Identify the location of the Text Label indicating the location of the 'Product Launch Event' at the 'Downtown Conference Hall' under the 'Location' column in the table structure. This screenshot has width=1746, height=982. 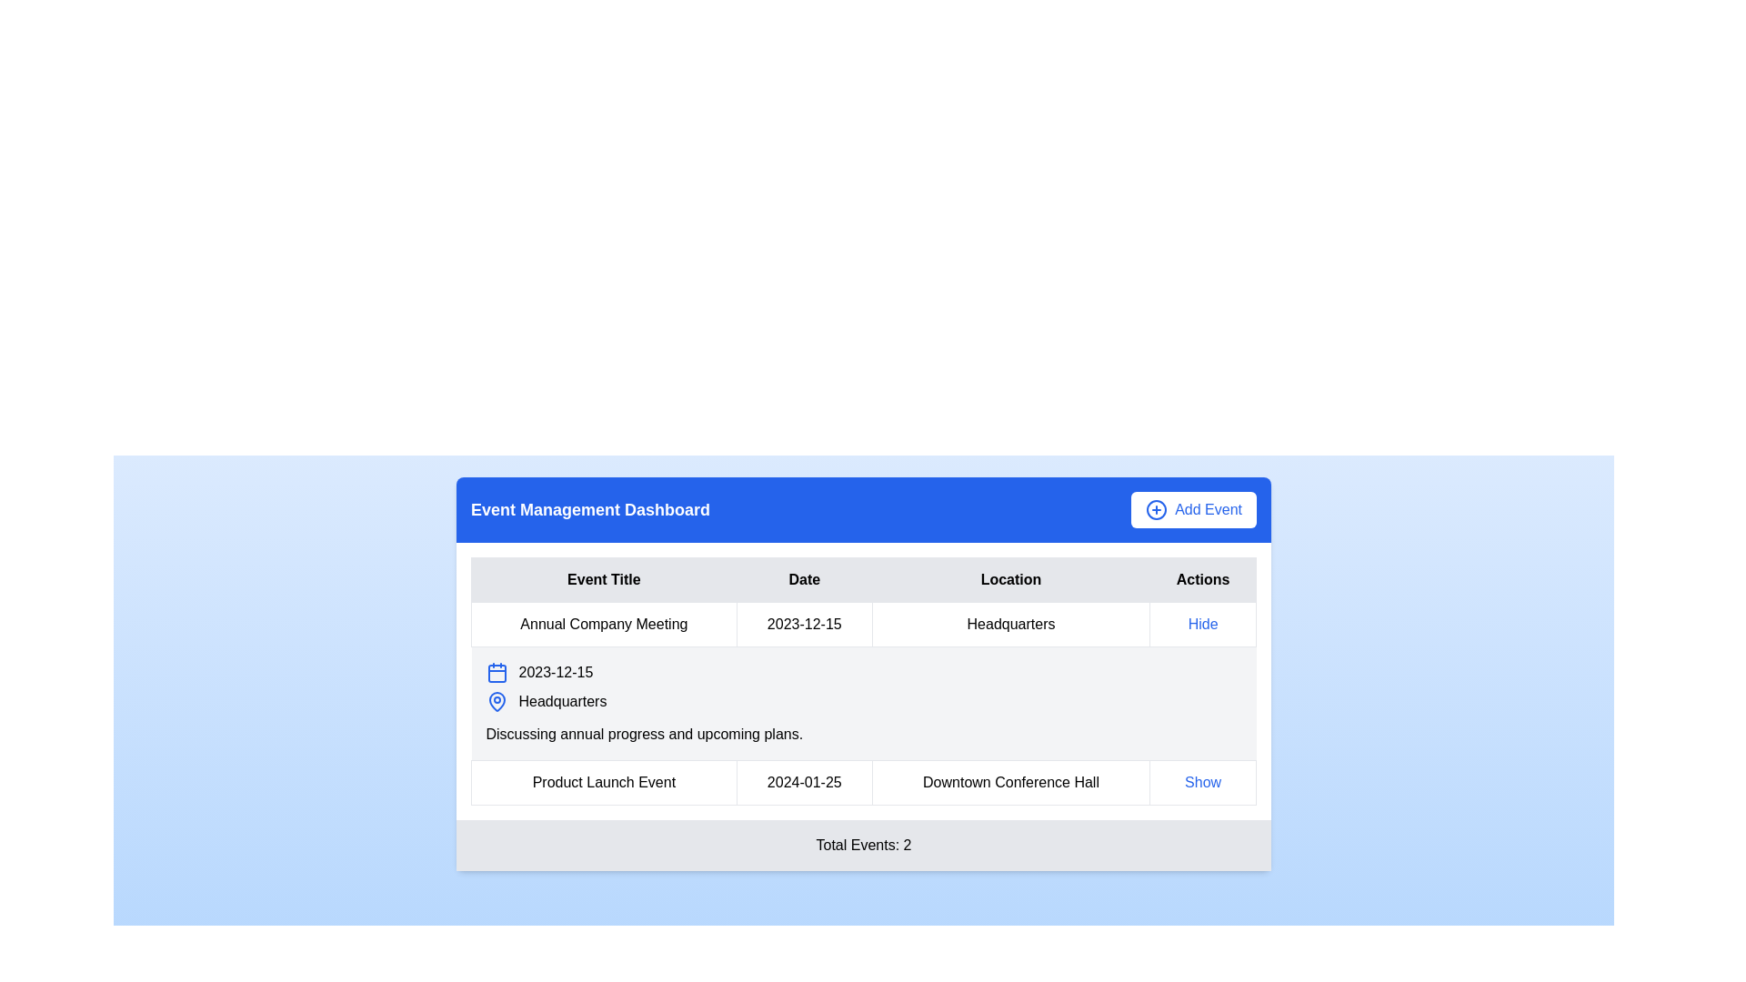
(1010, 781).